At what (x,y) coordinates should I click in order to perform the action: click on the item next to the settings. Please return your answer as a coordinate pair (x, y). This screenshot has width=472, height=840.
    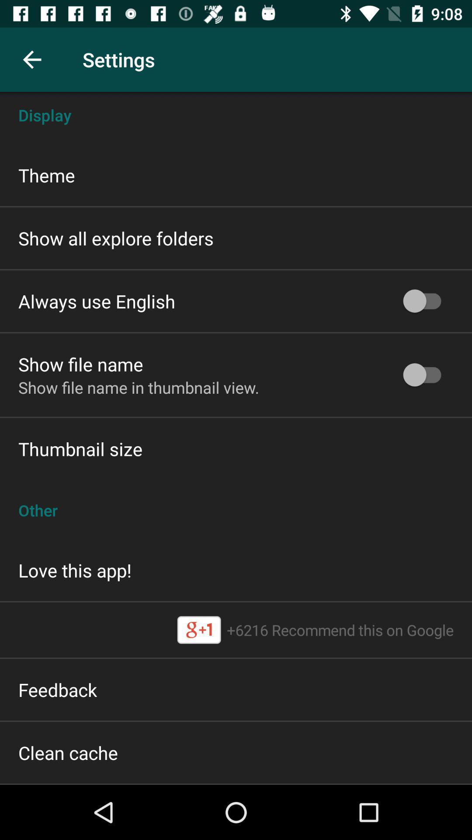
    Looking at the image, I should click on (31, 59).